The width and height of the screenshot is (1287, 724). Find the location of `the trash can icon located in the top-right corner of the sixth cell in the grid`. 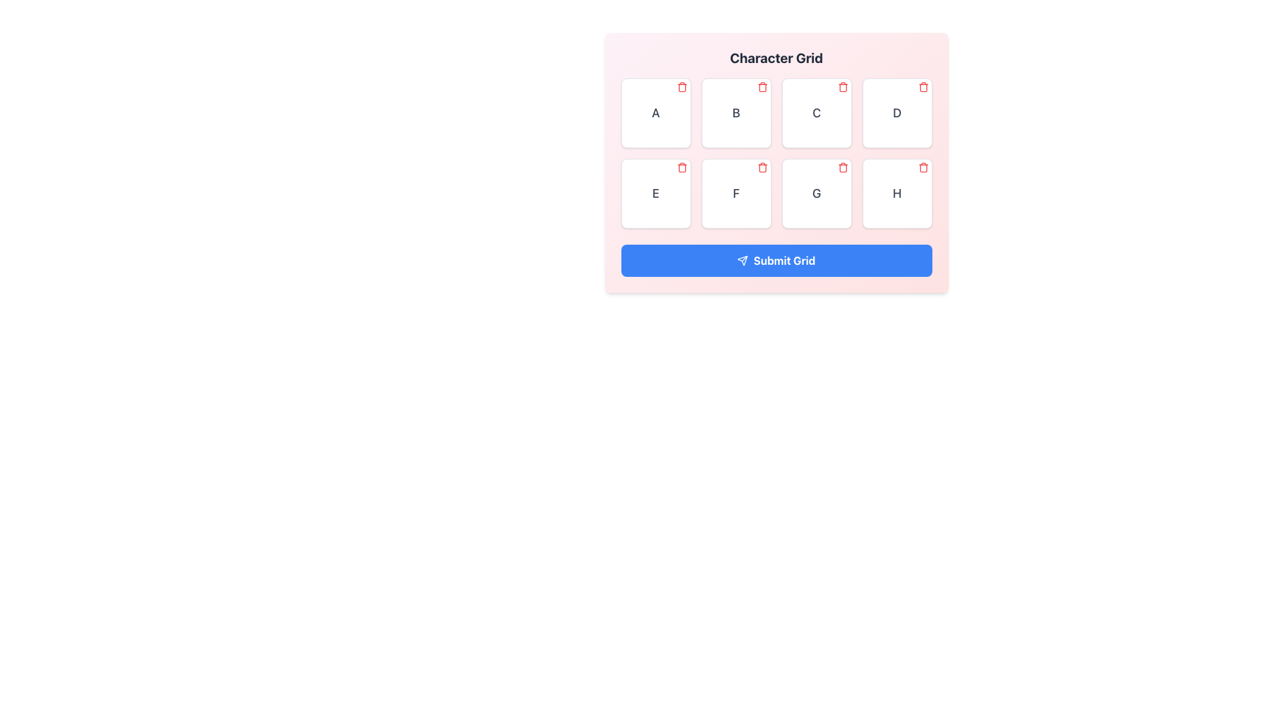

the trash can icon located in the top-right corner of the sixth cell in the grid is located at coordinates (762, 167).